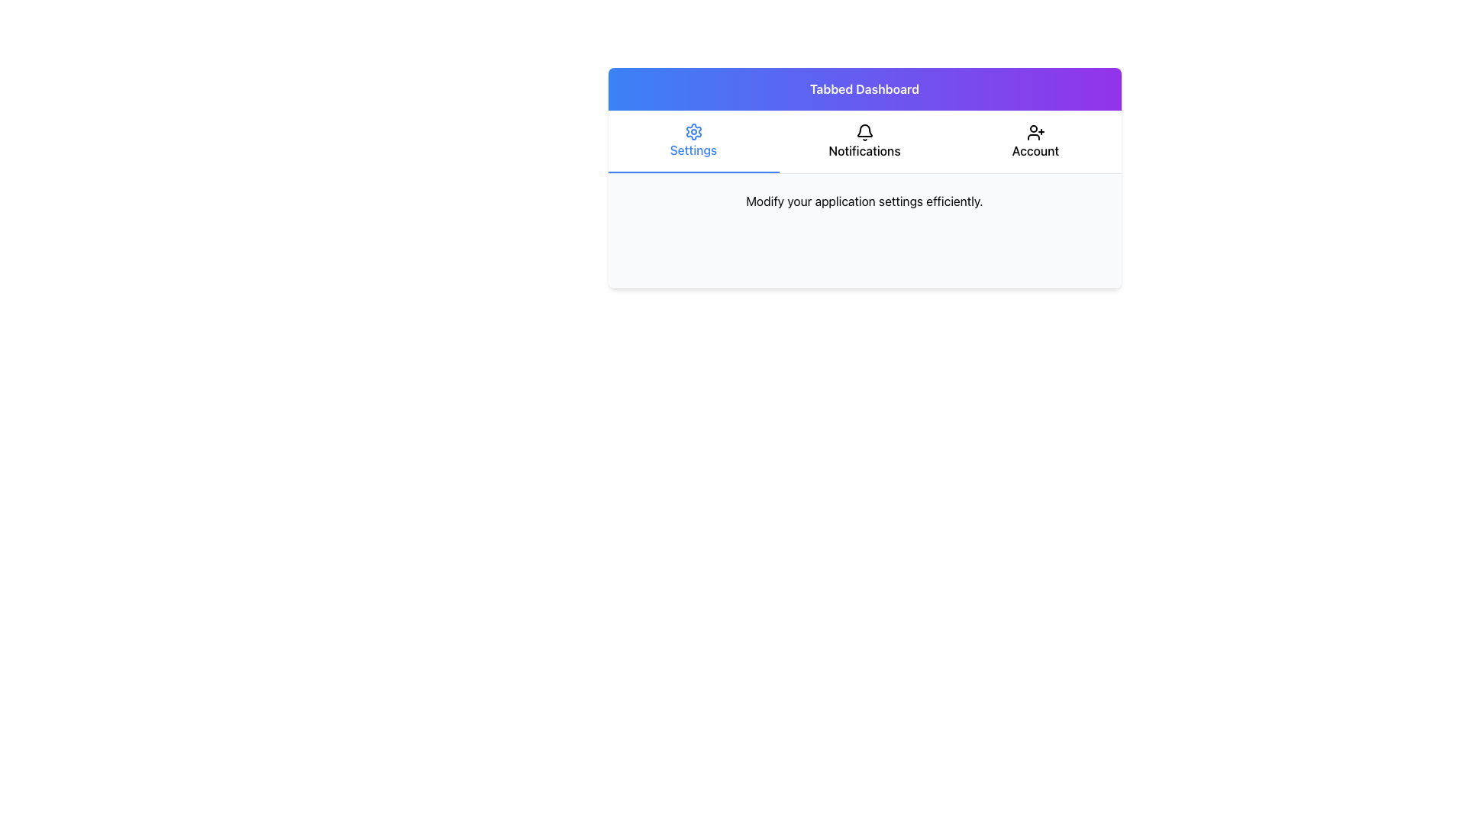  I want to click on the gear-shaped icon with a blue outline, so click(693, 131).